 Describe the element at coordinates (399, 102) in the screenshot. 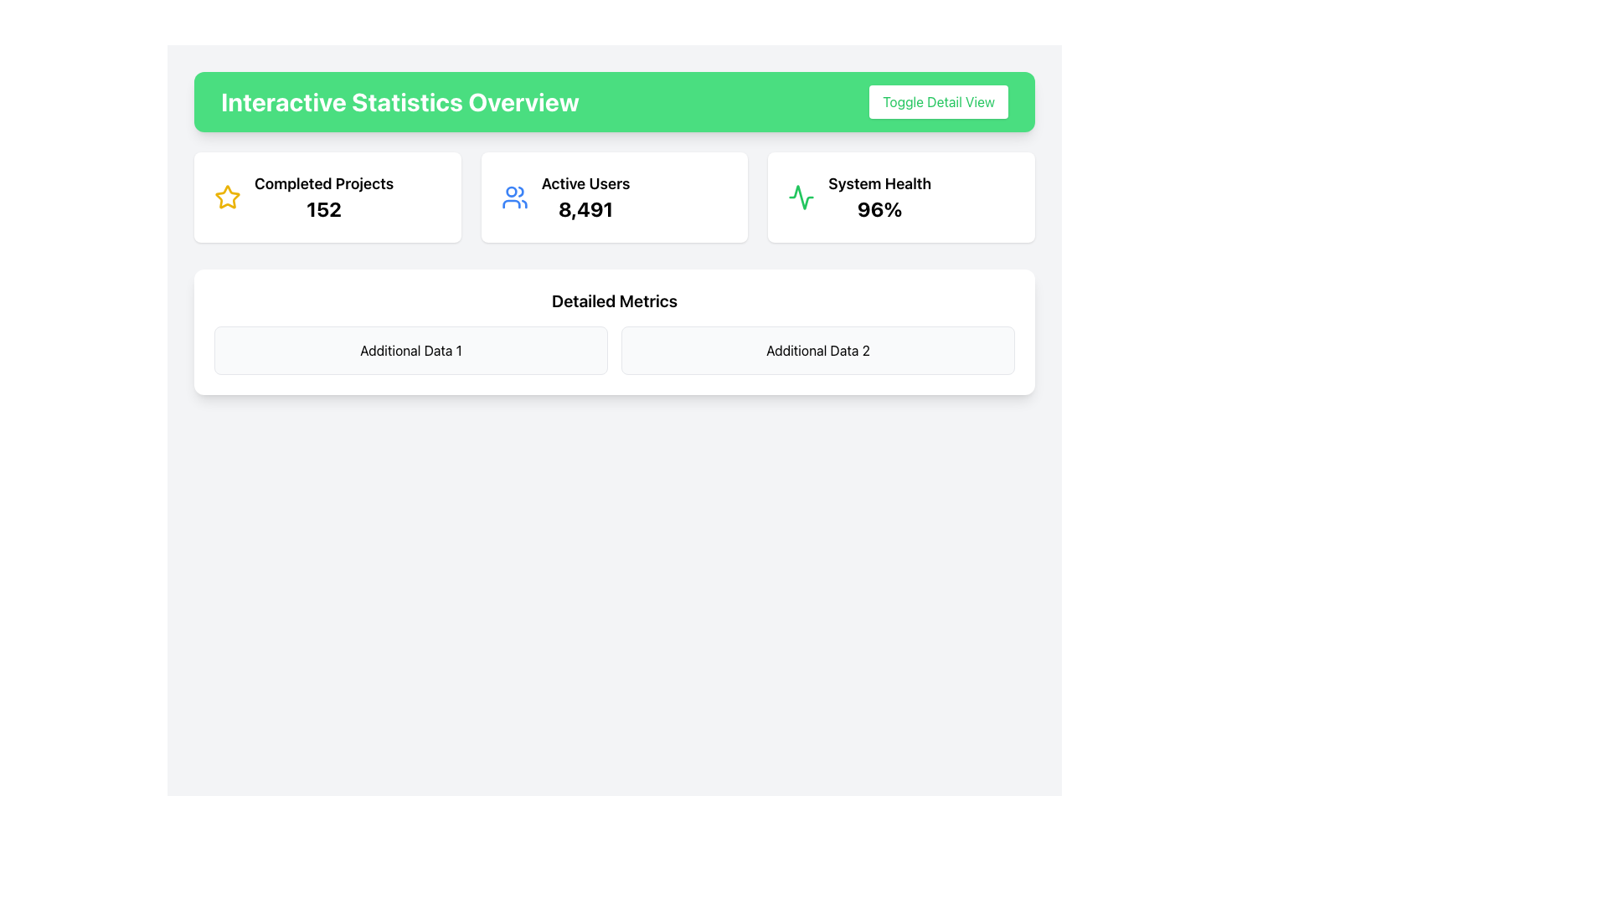

I see `the header element displaying 'Interactive Statistics Overview' in white font on a green background` at that location.